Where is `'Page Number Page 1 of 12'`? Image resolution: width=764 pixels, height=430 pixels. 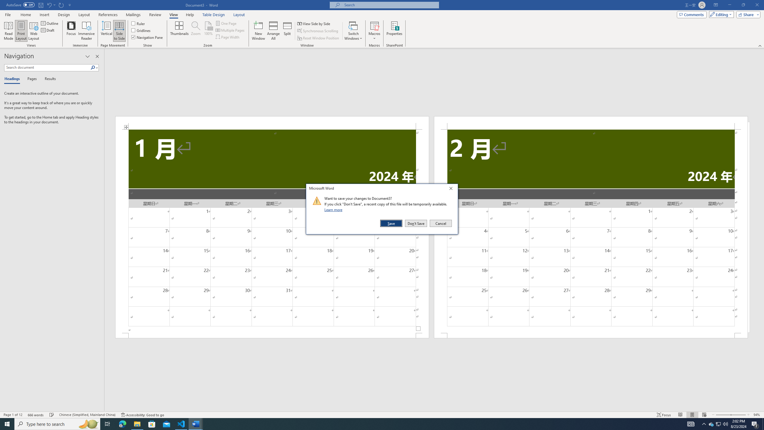 'Page Number Page 1 of 12' is located at coordinates (13, 415).